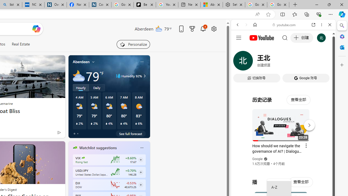 This screenshot has width=348, height=196. Describe the element at coordinates (283, 148) in the screenshot. I see `'Music'` at that location.